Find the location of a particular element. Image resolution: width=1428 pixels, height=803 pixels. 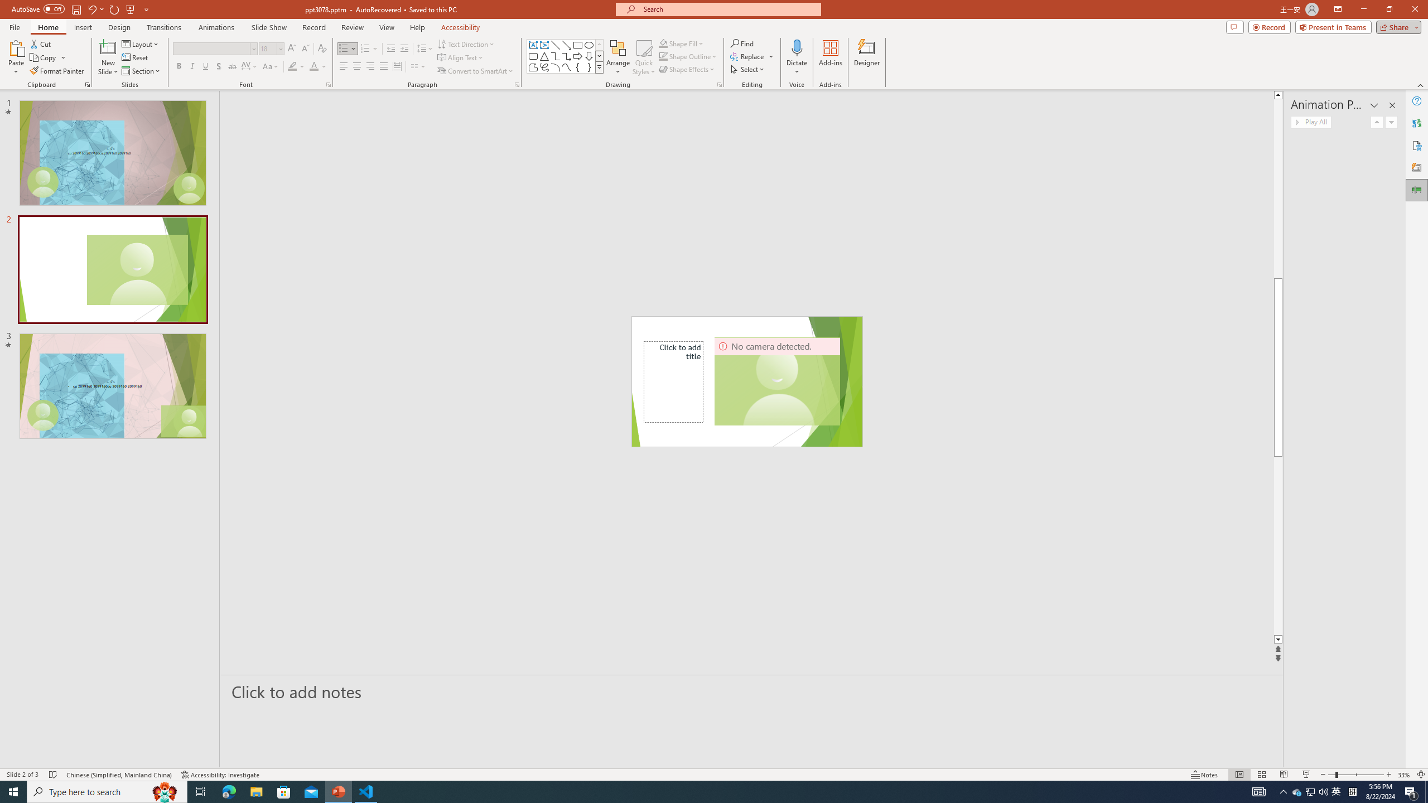

'Replace...' is located at coordinates (752, 55).